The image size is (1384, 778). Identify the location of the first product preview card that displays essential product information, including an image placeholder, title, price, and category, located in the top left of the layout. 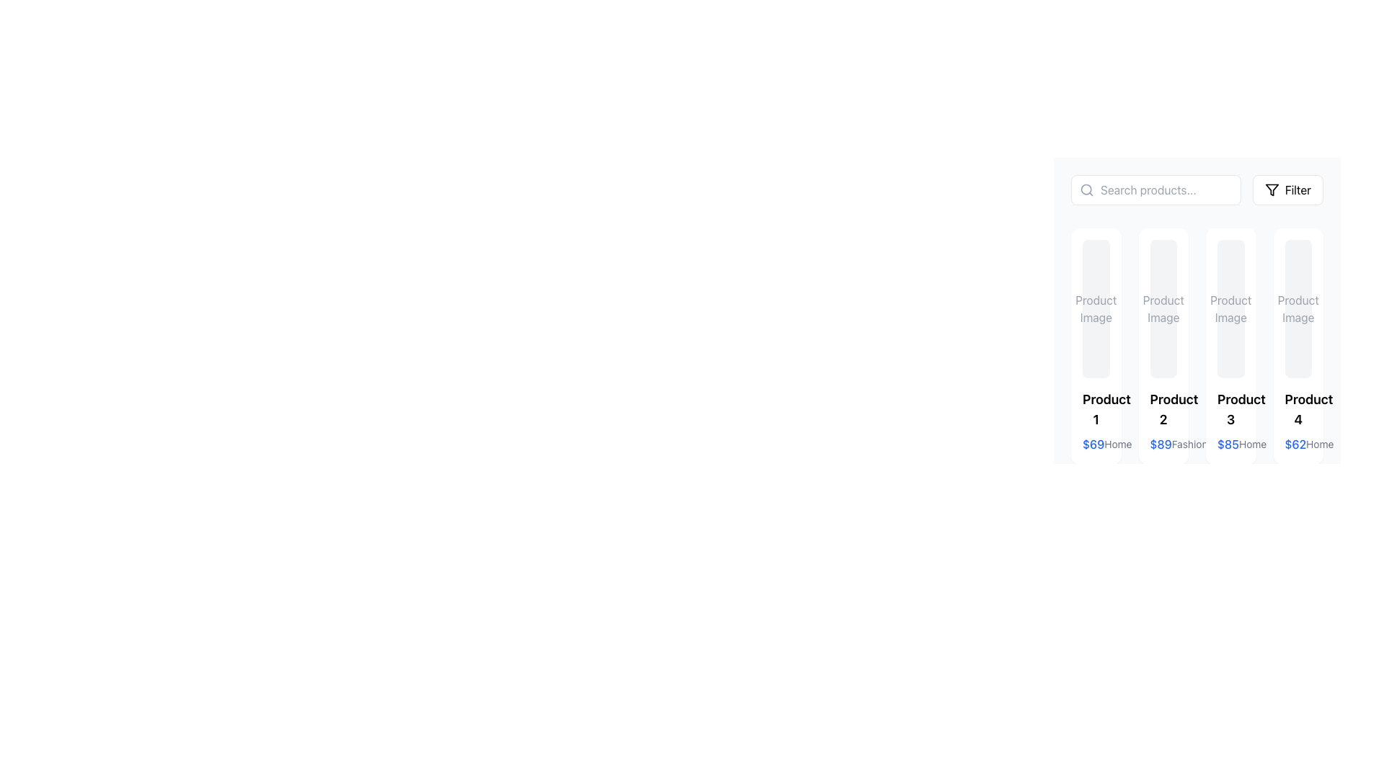
(1096, 346).